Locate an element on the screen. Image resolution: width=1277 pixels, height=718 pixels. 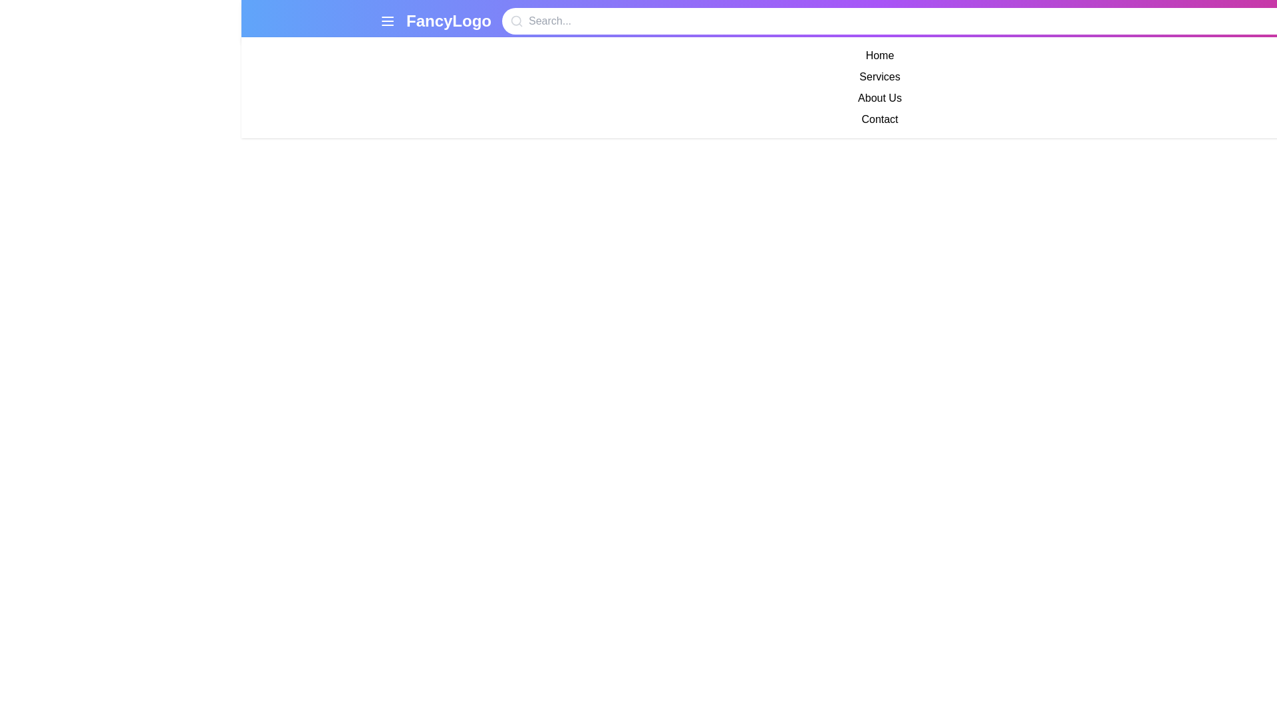
the brand logo located in the top-left corner of the header section, which serves as a home-button redirecting the user to the homepage when clicked is located at coordinates (436, 21).